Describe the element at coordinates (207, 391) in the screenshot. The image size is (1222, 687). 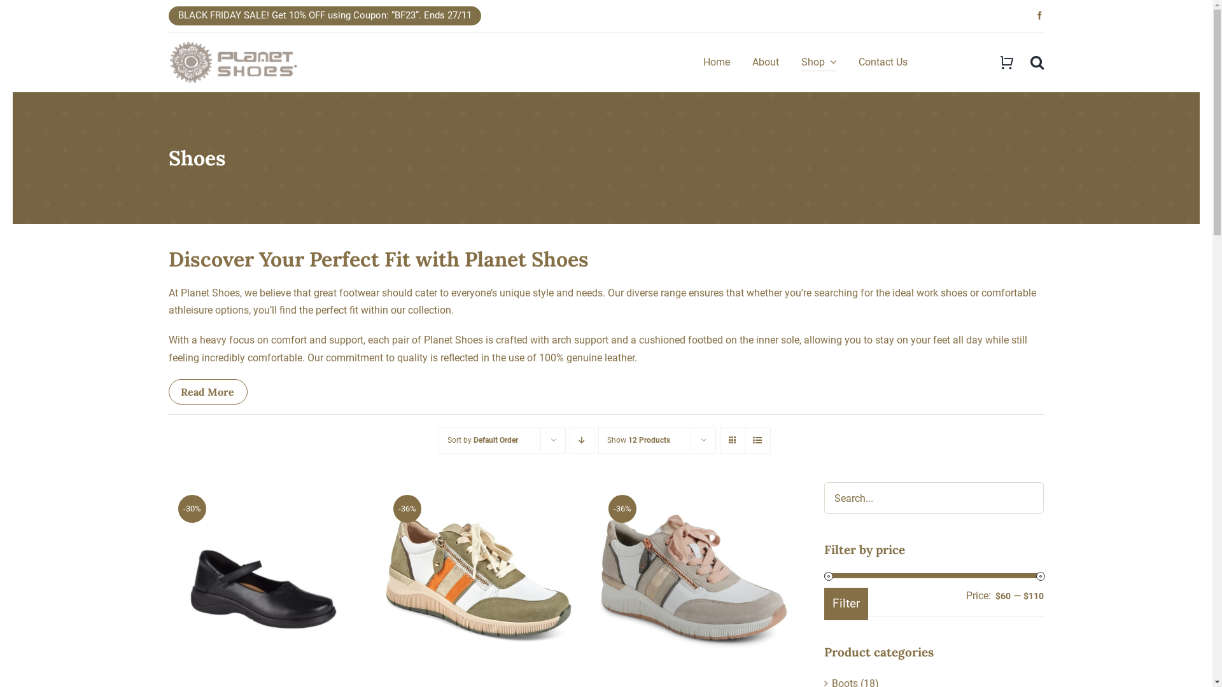
I see `'Read More'` at that location.